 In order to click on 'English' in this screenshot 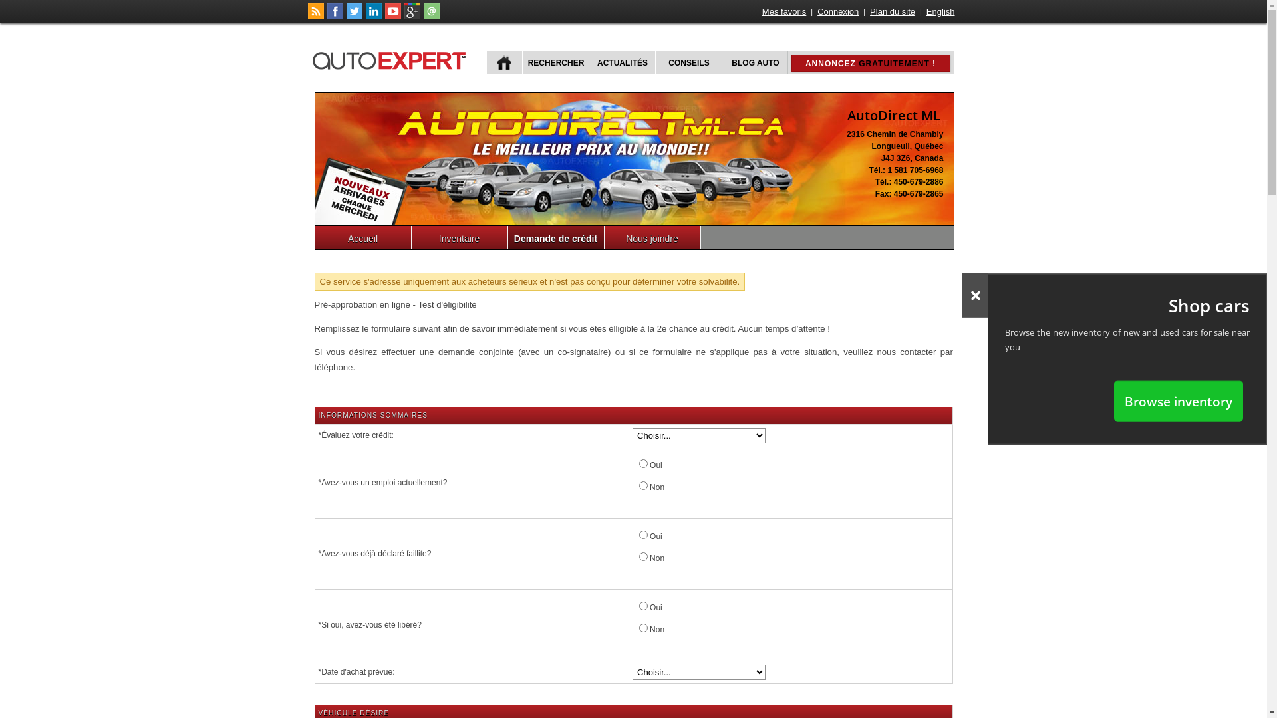, I will do `click(940, 11)`.